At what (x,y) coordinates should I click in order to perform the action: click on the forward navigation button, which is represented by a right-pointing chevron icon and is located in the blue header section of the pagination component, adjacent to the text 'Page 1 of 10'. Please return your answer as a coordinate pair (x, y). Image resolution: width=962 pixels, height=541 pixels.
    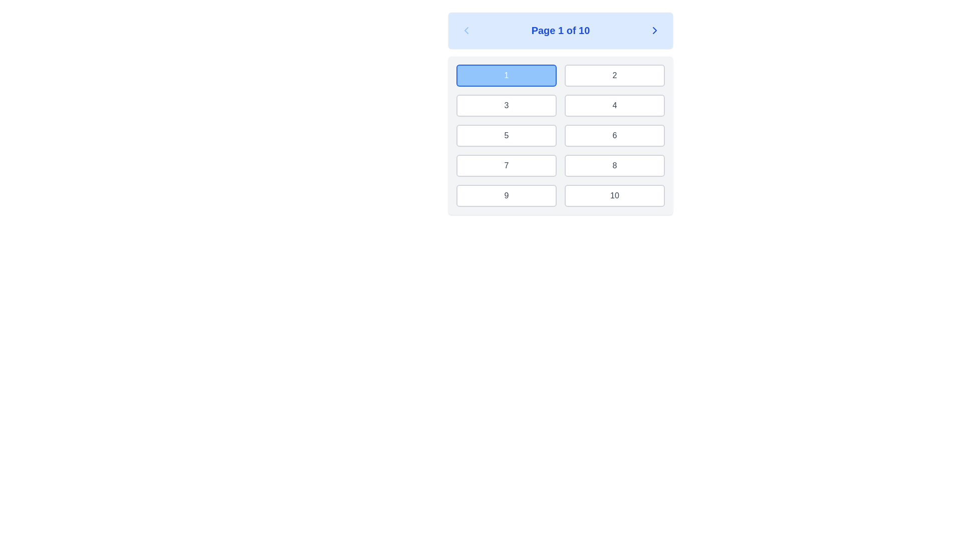
    Looking at the image, I should click on (654, 30).